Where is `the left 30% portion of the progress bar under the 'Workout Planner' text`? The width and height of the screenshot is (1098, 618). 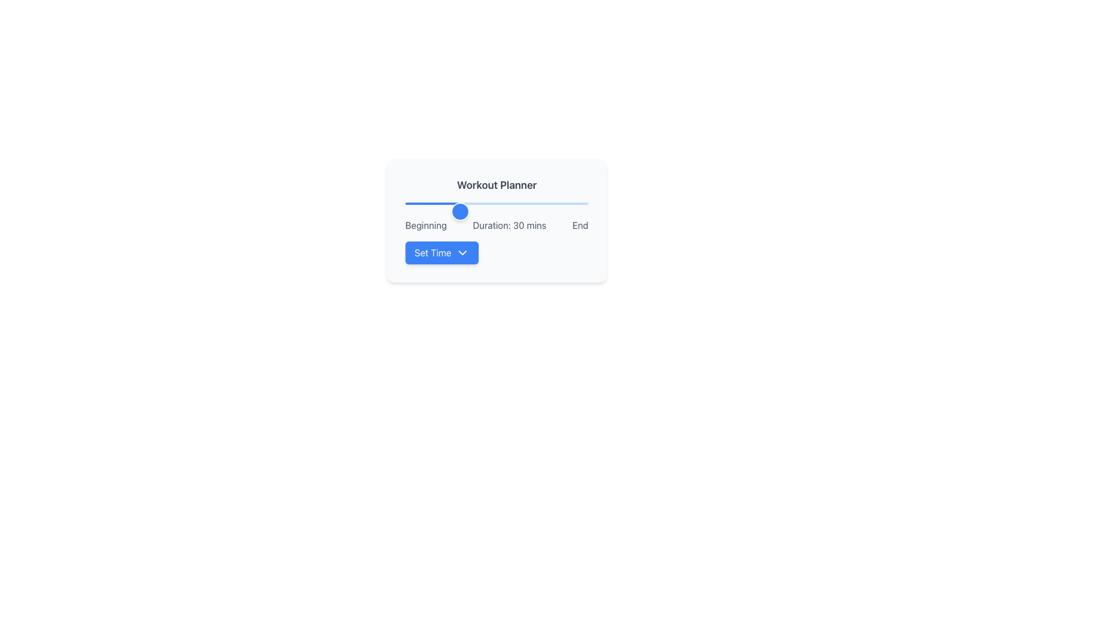 the left 30% portion of the progress bar under the 'Workout Planner' text is located at coordinates (432, 203).